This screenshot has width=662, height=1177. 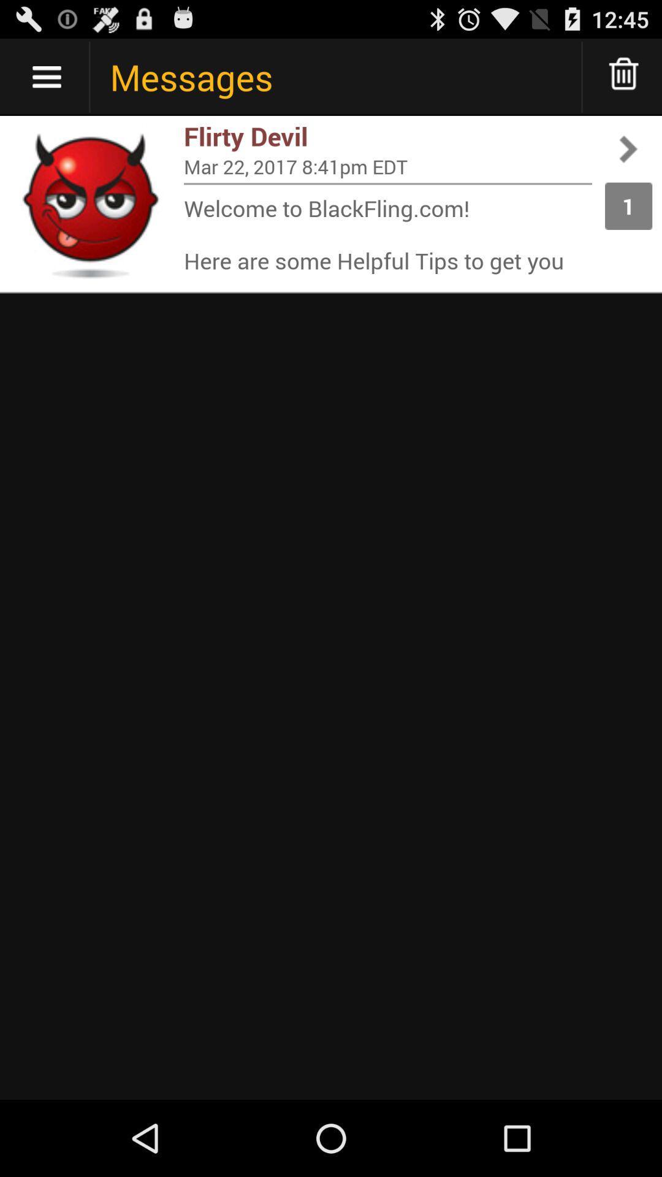 What do you see at coordinates (387, 136) in the screenshot?
I see `icon below the messages item` at bounding box center [387, 136].